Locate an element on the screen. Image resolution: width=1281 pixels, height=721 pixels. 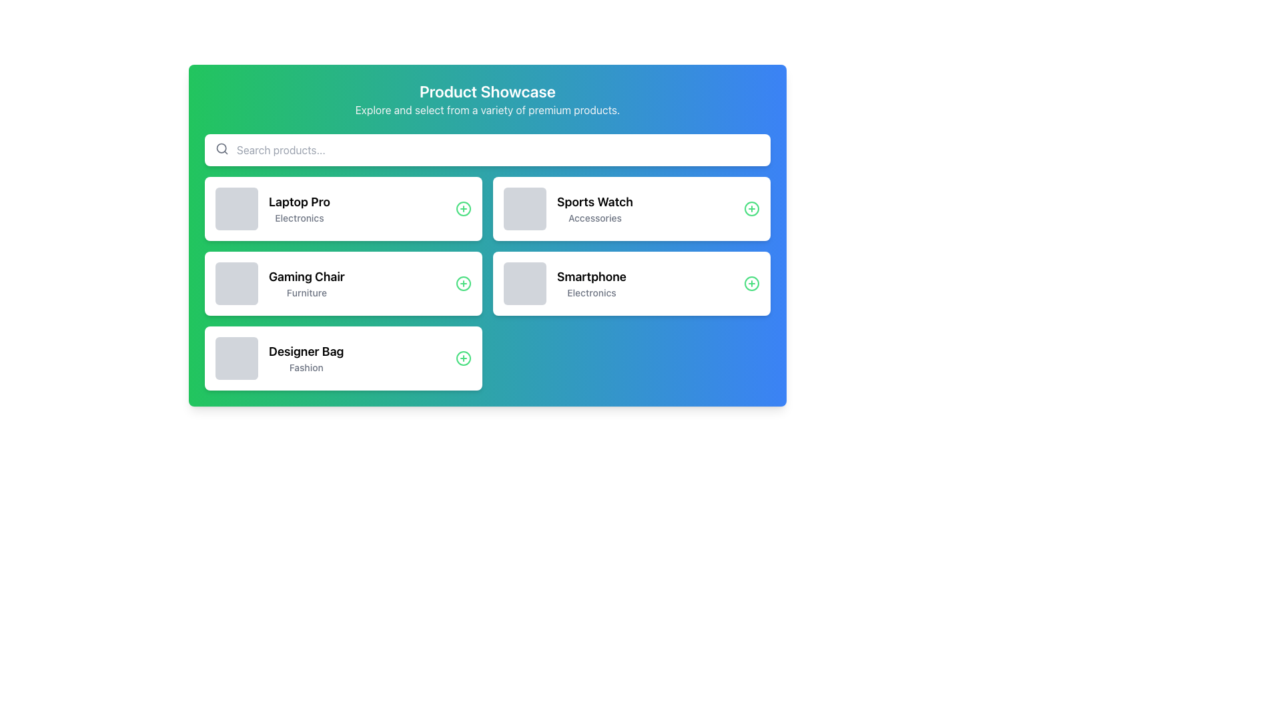
the Label that serves as the title for the product card, located above the descriptive text 'Electronics' in the bottom-right segment of the interface is located at coordinates (591, 276).